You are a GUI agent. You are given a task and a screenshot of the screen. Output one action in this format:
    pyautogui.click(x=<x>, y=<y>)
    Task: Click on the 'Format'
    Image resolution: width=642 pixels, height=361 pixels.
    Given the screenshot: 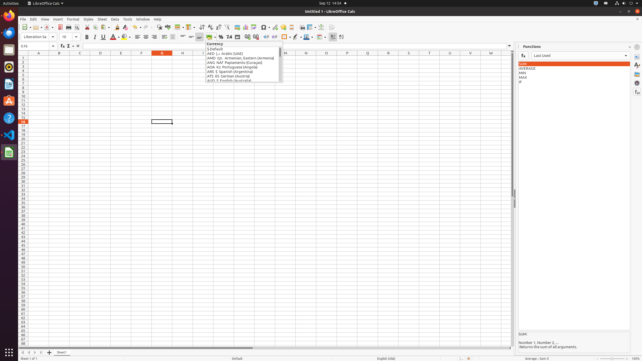 What is the action you would take?
    pyautogui.click(x=73, y=19)
    